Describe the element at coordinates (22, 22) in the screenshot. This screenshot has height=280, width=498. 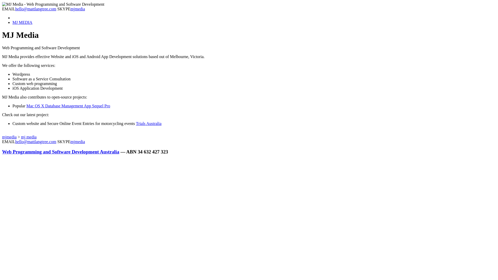
I see `'MJ MEDIA'` at that location.